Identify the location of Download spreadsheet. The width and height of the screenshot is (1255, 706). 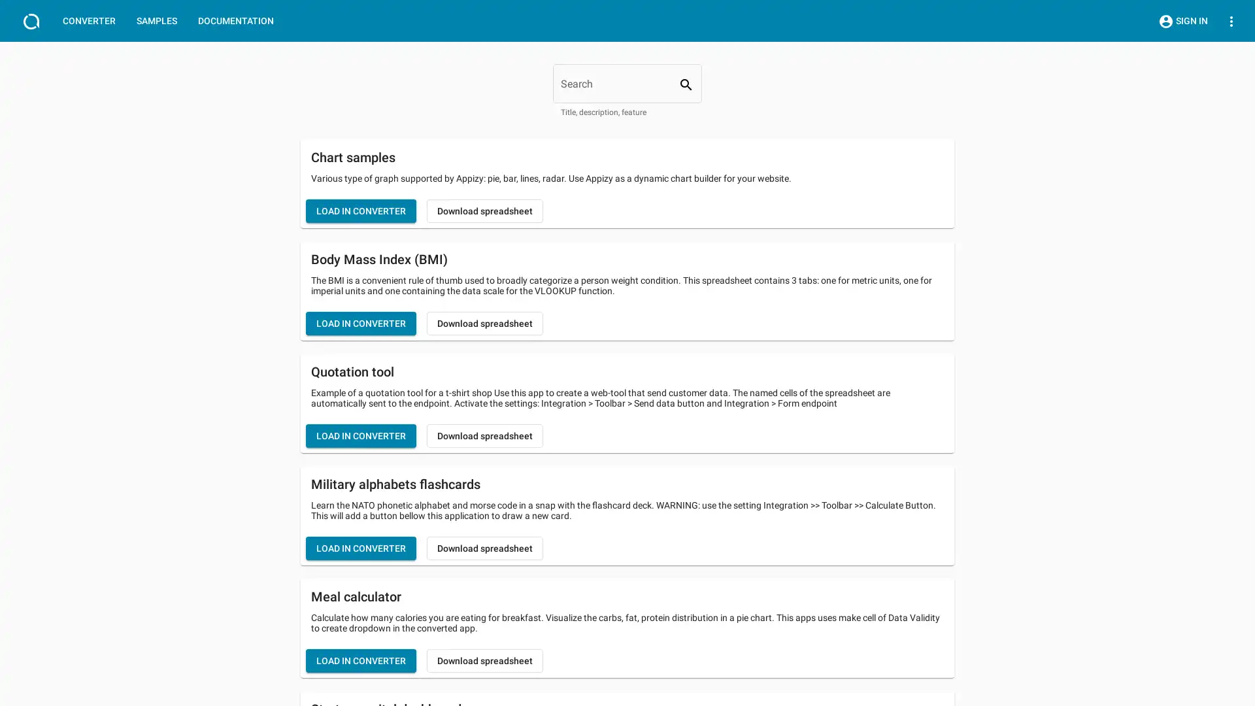
(484, 436).